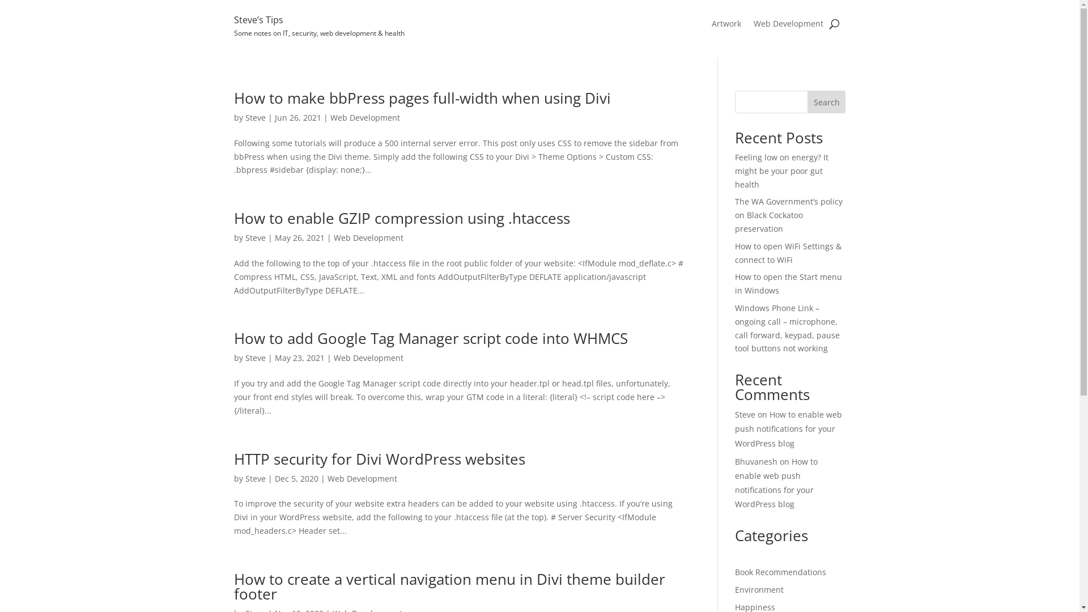 The height and width of the screenshot is (612, 1088). I want to click on 'Bhuvanesh', so click(756, 461).